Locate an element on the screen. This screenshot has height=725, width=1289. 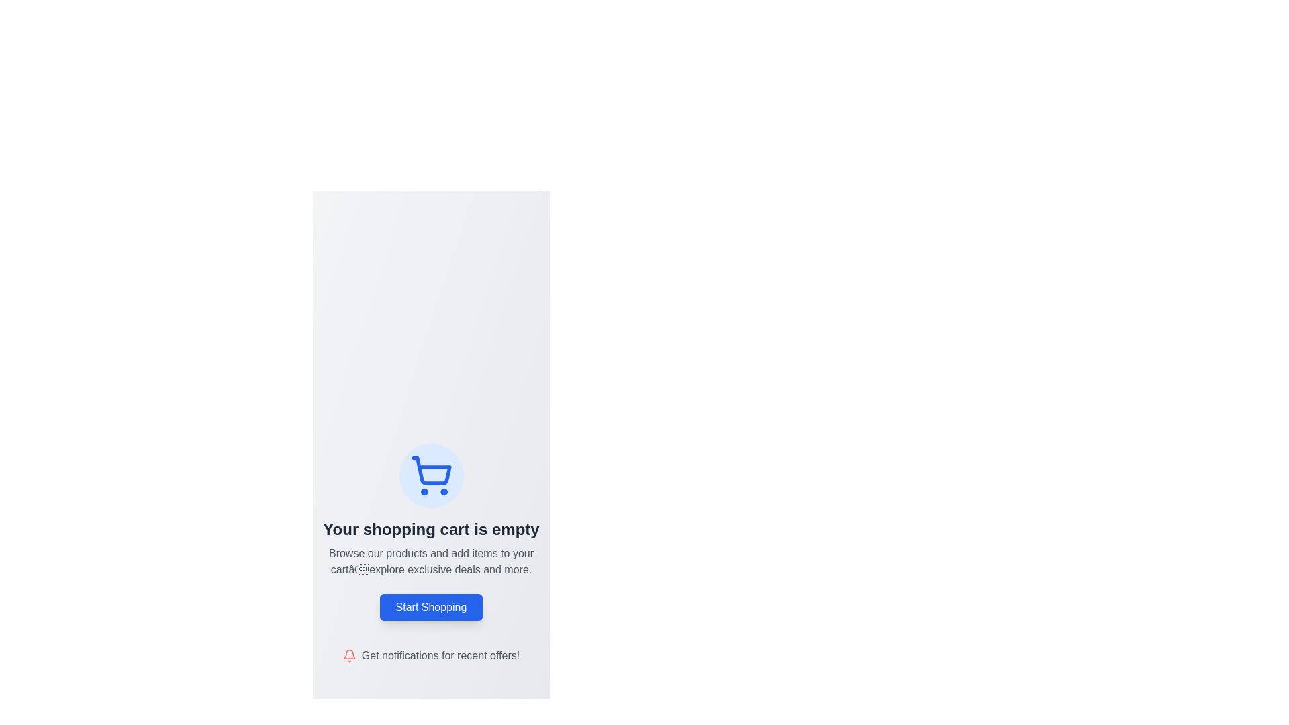
the instructional text located below 'Your shopping cart is empty' and above the 'Start Shopping' button on the shopping cart page is located at coordinates (431, 562).